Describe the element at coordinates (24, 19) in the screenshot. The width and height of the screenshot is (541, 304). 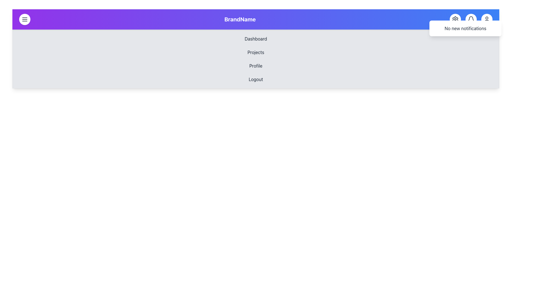
I see `the leftmost button in the header section` at that location.